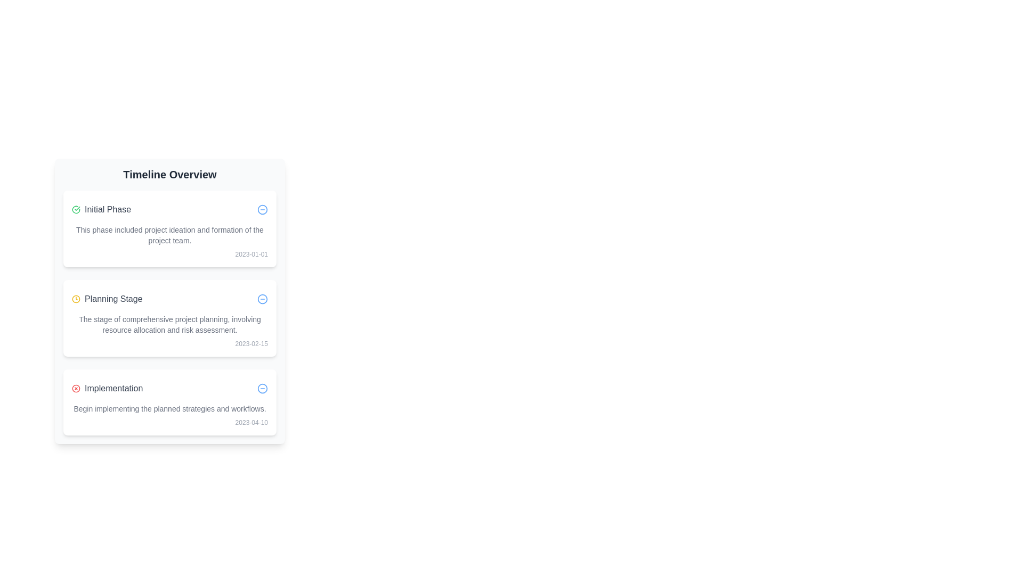  What do you see at coordinates (169, 402) in the screenshot?
I see `the content card titled 'Implementation'` at bounding box center [169, 402].